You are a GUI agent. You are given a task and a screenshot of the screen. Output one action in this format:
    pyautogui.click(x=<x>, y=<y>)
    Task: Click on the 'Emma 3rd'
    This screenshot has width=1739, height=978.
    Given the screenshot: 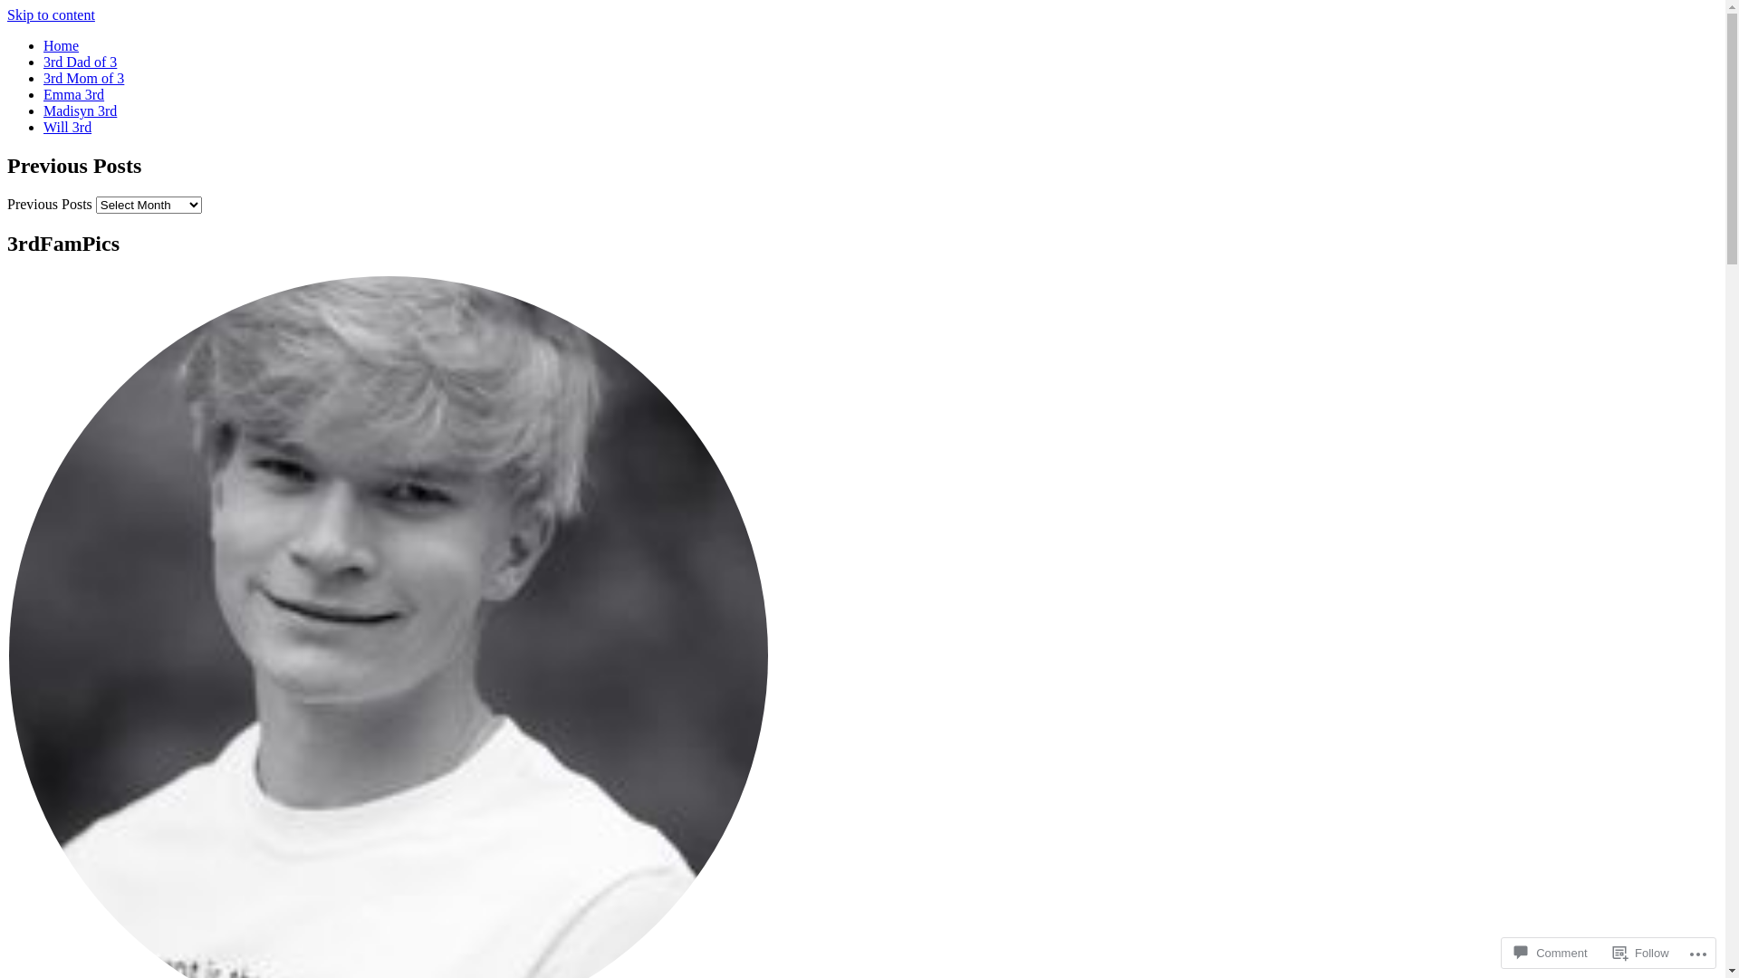 What is the action you would take?
    pyautogui.click(x=72, y=94)
    